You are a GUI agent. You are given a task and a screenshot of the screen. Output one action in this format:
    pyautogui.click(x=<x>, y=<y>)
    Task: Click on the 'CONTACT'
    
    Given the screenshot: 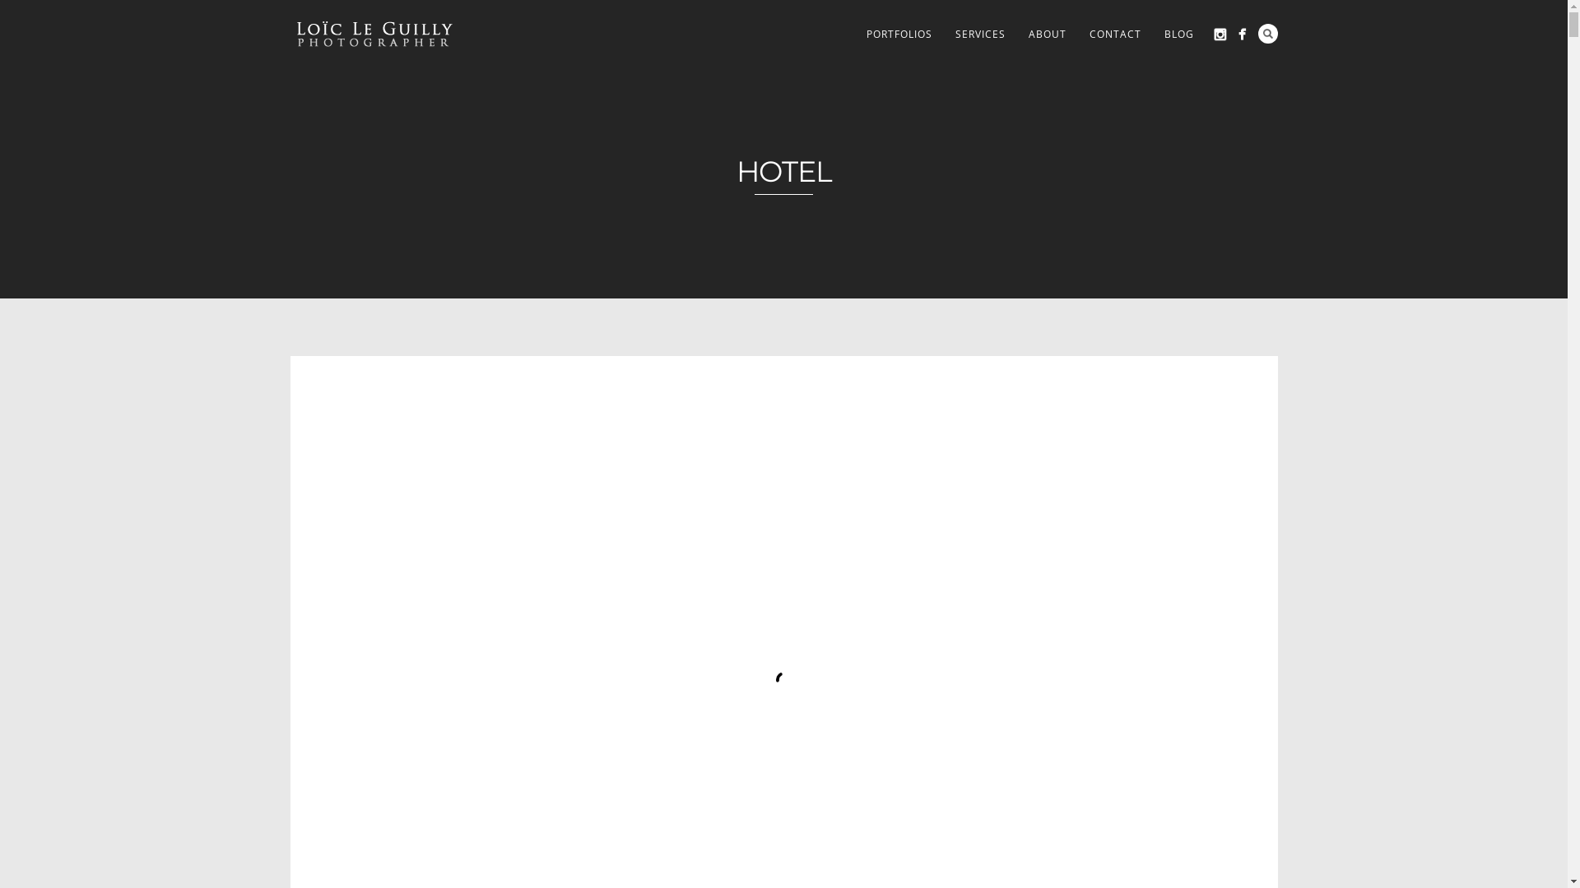 What is the action you would take?
    pyautogui.click(x=1115, y=35)
    